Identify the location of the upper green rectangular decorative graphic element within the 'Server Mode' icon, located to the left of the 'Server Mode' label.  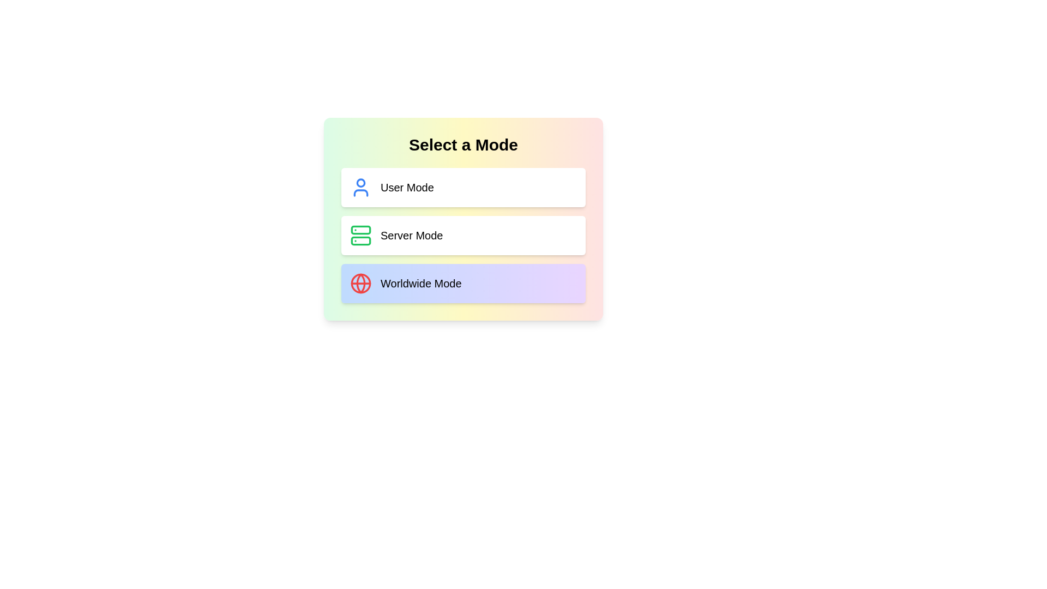
(361, 229).